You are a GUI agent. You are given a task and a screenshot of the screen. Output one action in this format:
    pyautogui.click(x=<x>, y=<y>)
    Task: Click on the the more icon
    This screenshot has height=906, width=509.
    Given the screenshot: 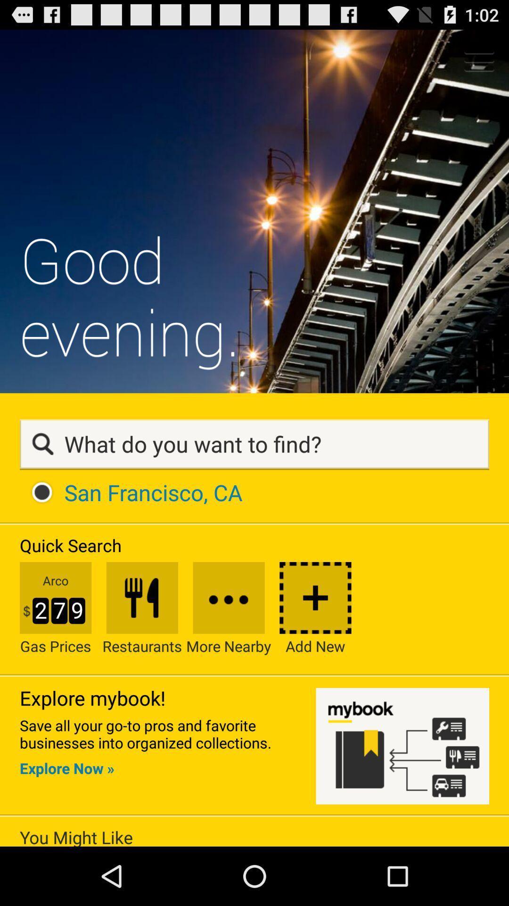 What is the action you would take?
    pyautogui.click(x=229, y=653)
    